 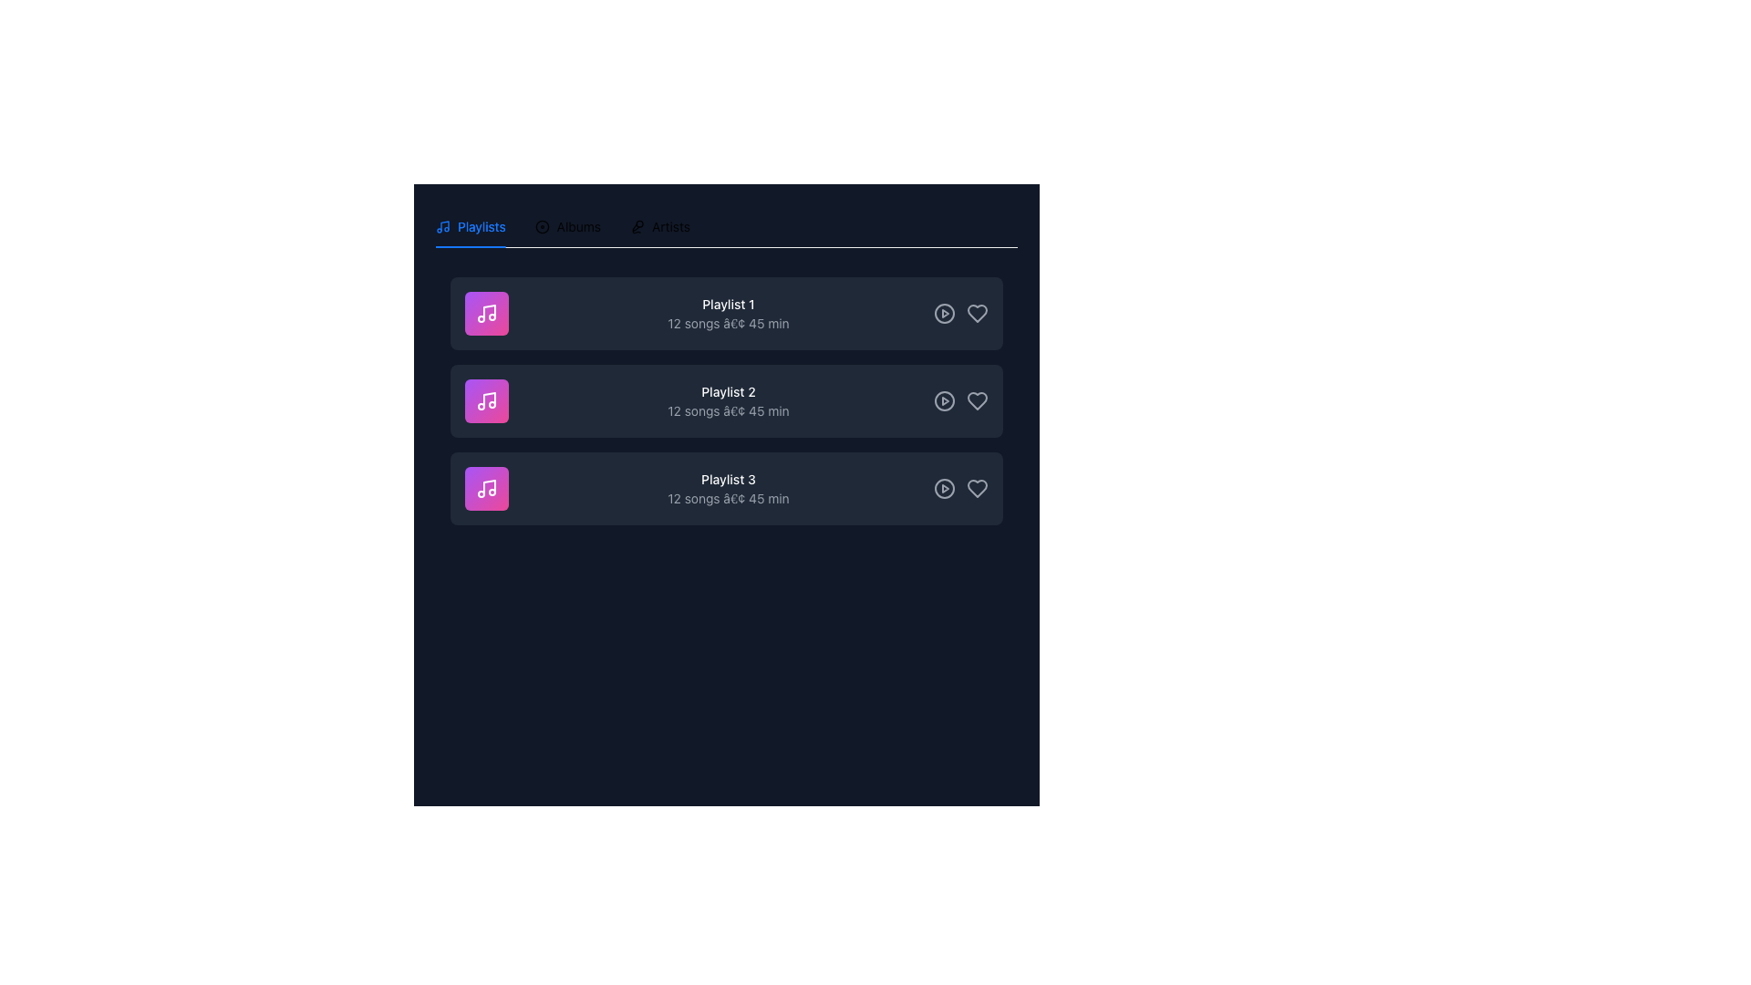 What do you see at coordinates (490, 399) in the screenshot?
I see `the musical note graphical icon located inside the small purple square in the 'Playlist 2' entry` at bounding box center [490, 399].